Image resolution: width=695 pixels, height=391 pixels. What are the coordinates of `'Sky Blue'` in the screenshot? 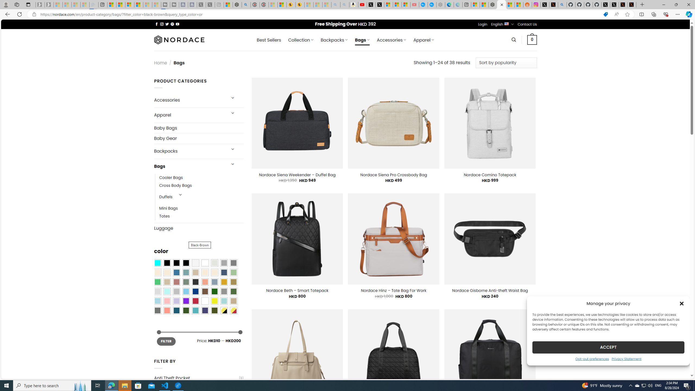 It's located at (186, 291).